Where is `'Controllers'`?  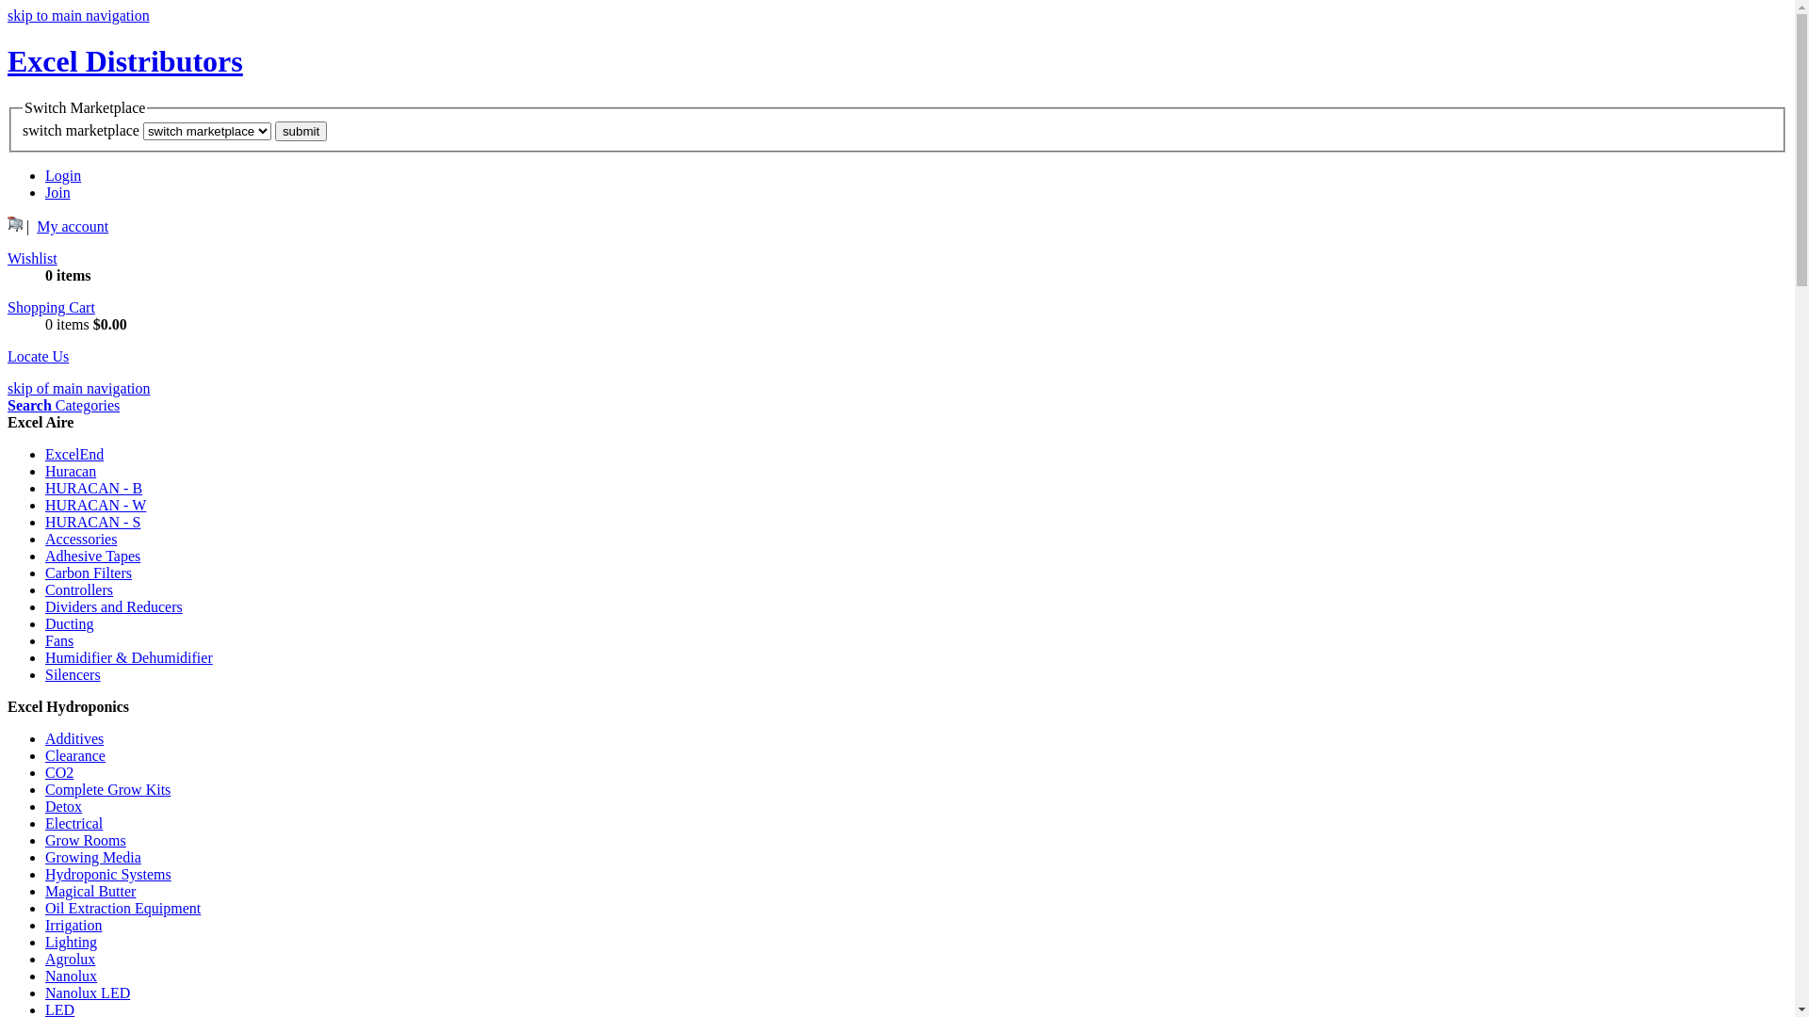
'Controllers' is located at coordinates (77, 589).